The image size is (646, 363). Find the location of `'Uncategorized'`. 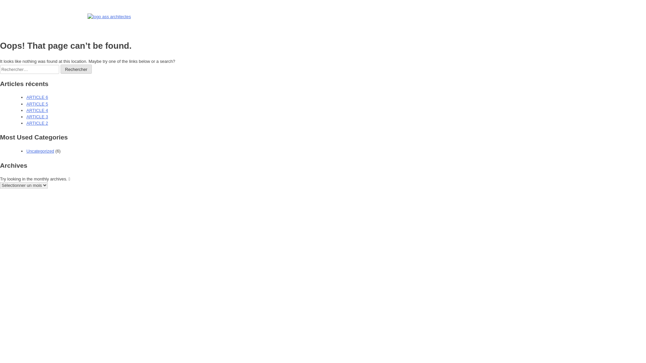

'Uncategorized' is located at coordinates (40, 151).